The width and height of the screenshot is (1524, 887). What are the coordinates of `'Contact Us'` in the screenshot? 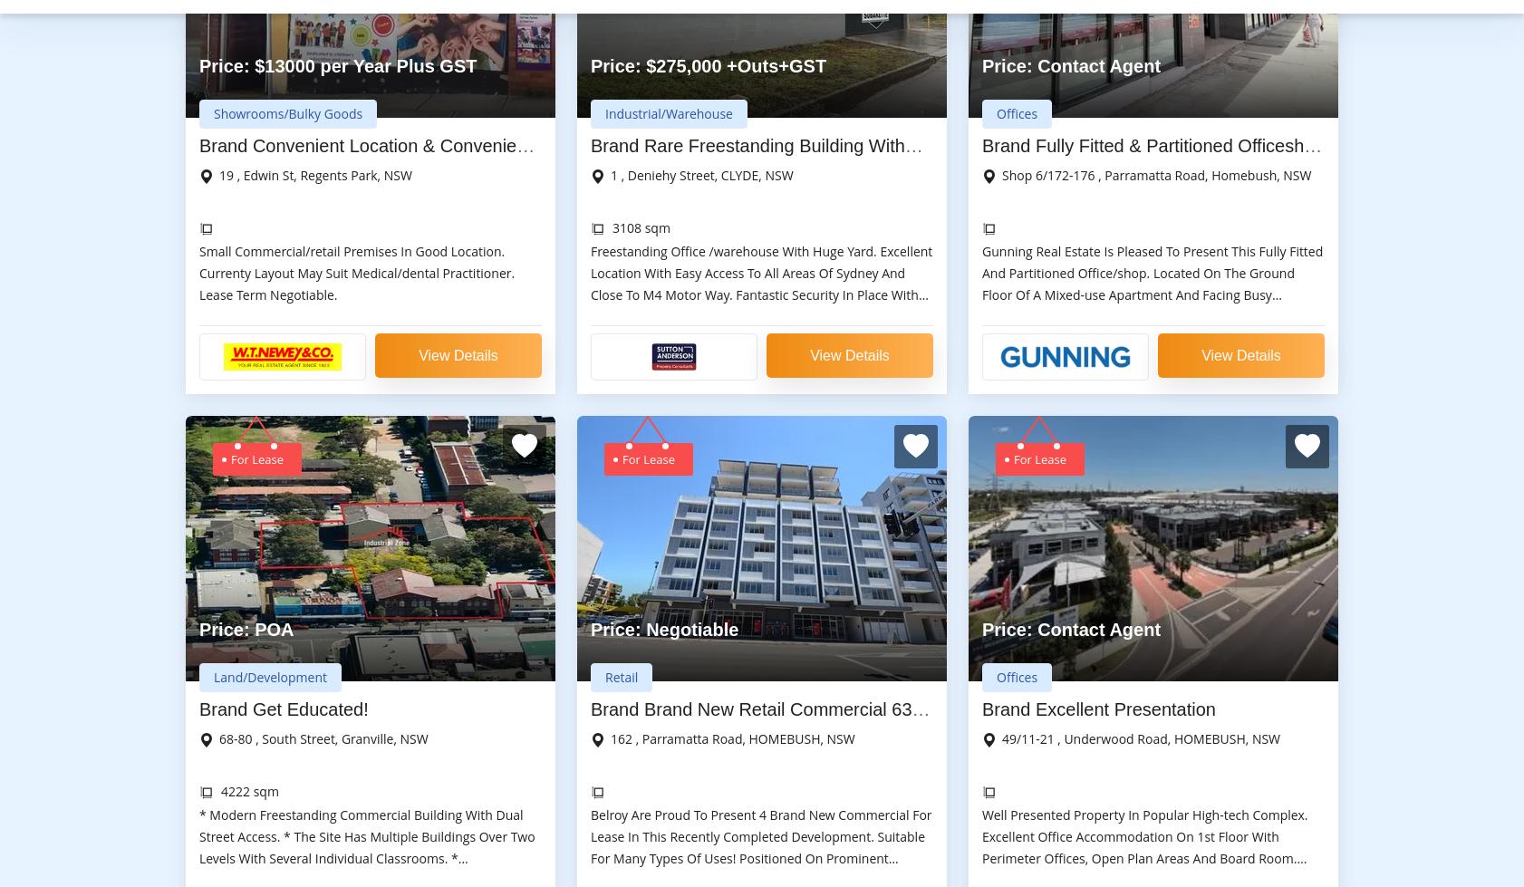 It's located at (1265, 262).